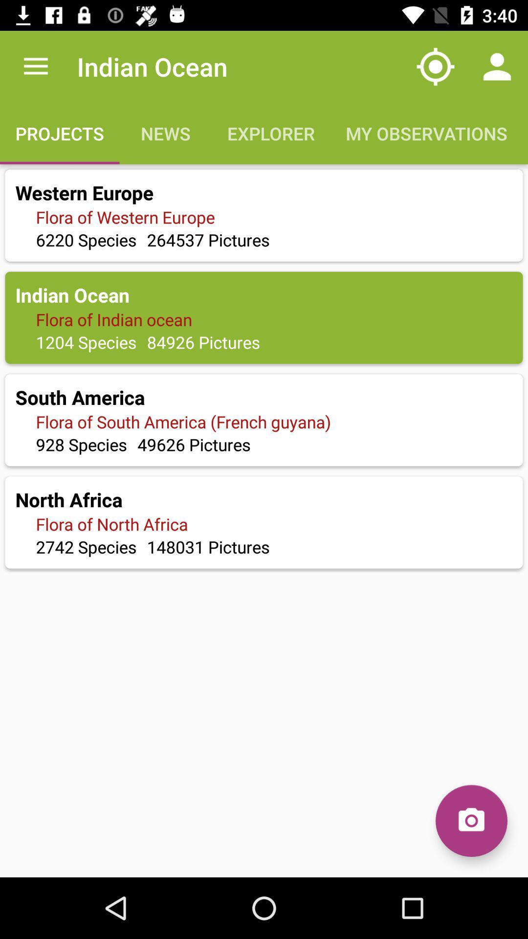  I want to click on icon at the bottom right corner, so click(471, 821).